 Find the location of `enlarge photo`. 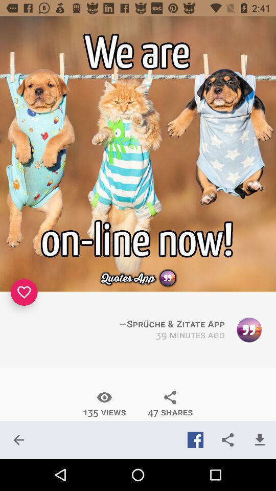

enlarge photo is located at coordinates (138, 154).